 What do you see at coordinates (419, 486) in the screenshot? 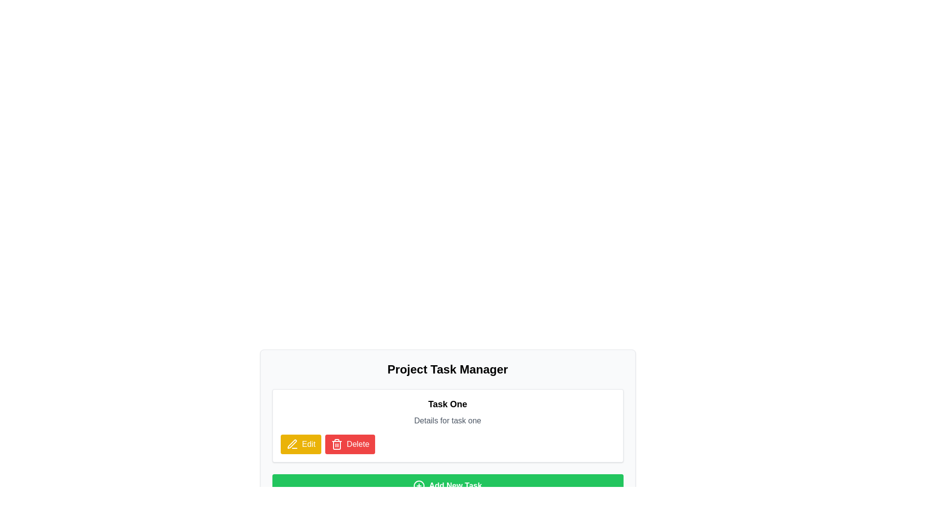
I see `the circular icon with a plus symbol in the center, which is styled with a green border and is located to the left of the 'Add New Task' text` at bounding box center [419, 486].